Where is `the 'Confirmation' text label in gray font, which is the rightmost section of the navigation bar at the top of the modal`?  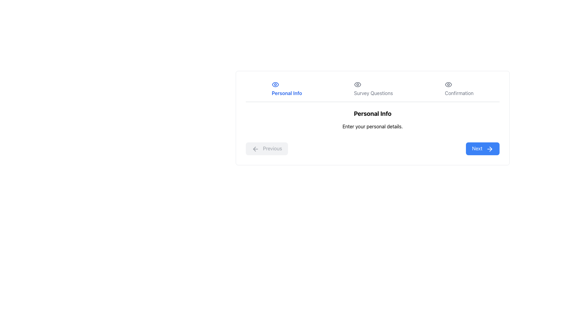
the 'Confirmation' text label in gray font, which is the rightmost section of the navigation bar at the top of the modal is located at coordinates (459, 93).